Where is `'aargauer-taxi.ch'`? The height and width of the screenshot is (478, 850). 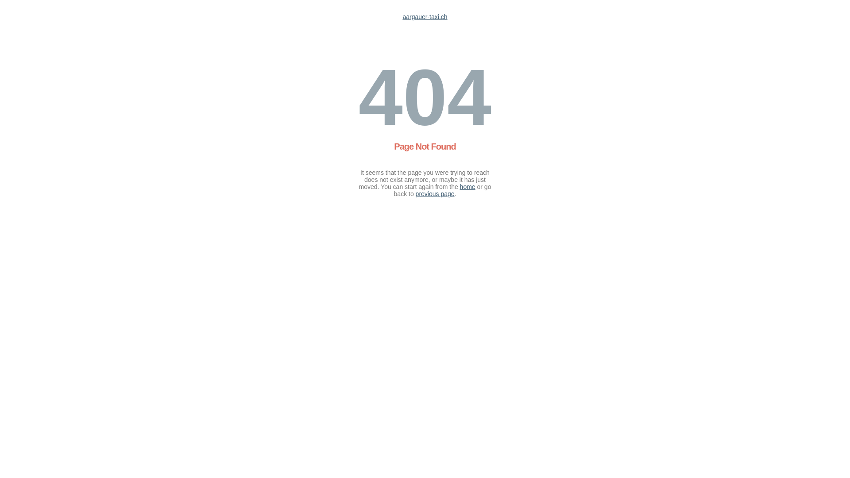
'aargauer-taxi.ch' is located at coordinates (424, 17).